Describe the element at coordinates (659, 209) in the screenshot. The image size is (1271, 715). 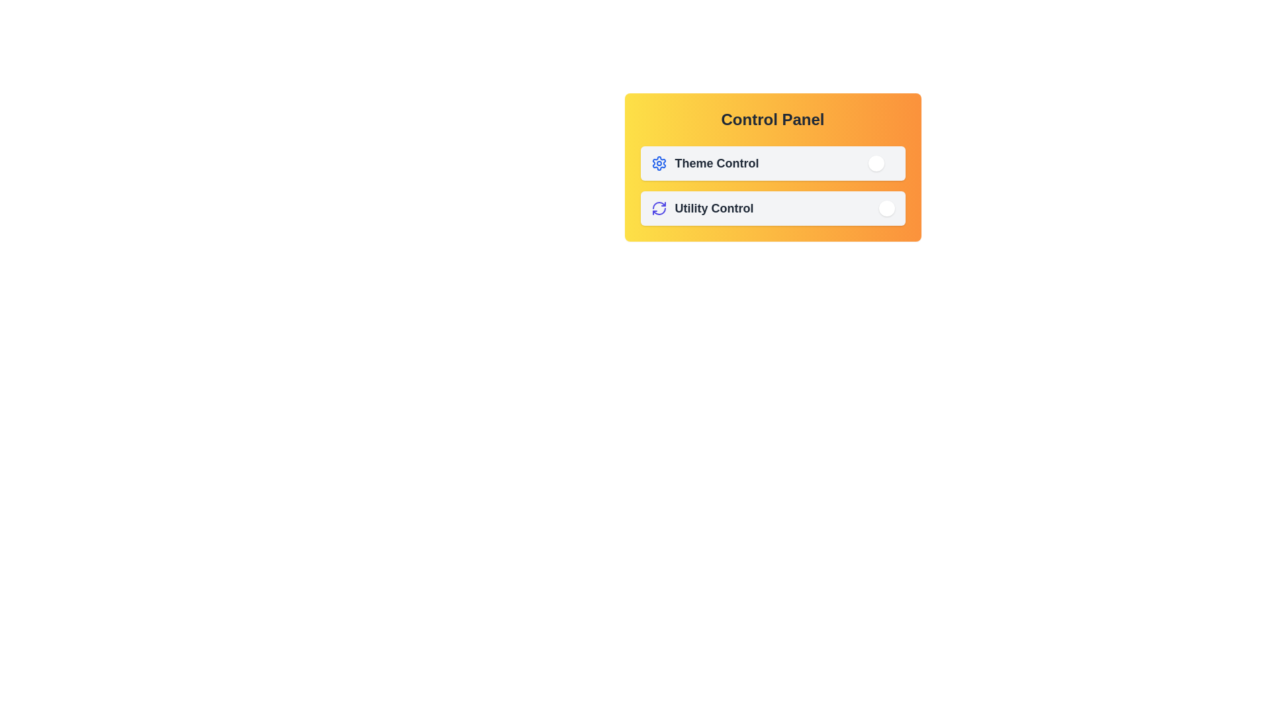
I see `the circular indigo icon with two arrows forming a clockwise loop, located to the left of 'Utility Control' within the orange-yellow 'Control Panel' card` at that location.